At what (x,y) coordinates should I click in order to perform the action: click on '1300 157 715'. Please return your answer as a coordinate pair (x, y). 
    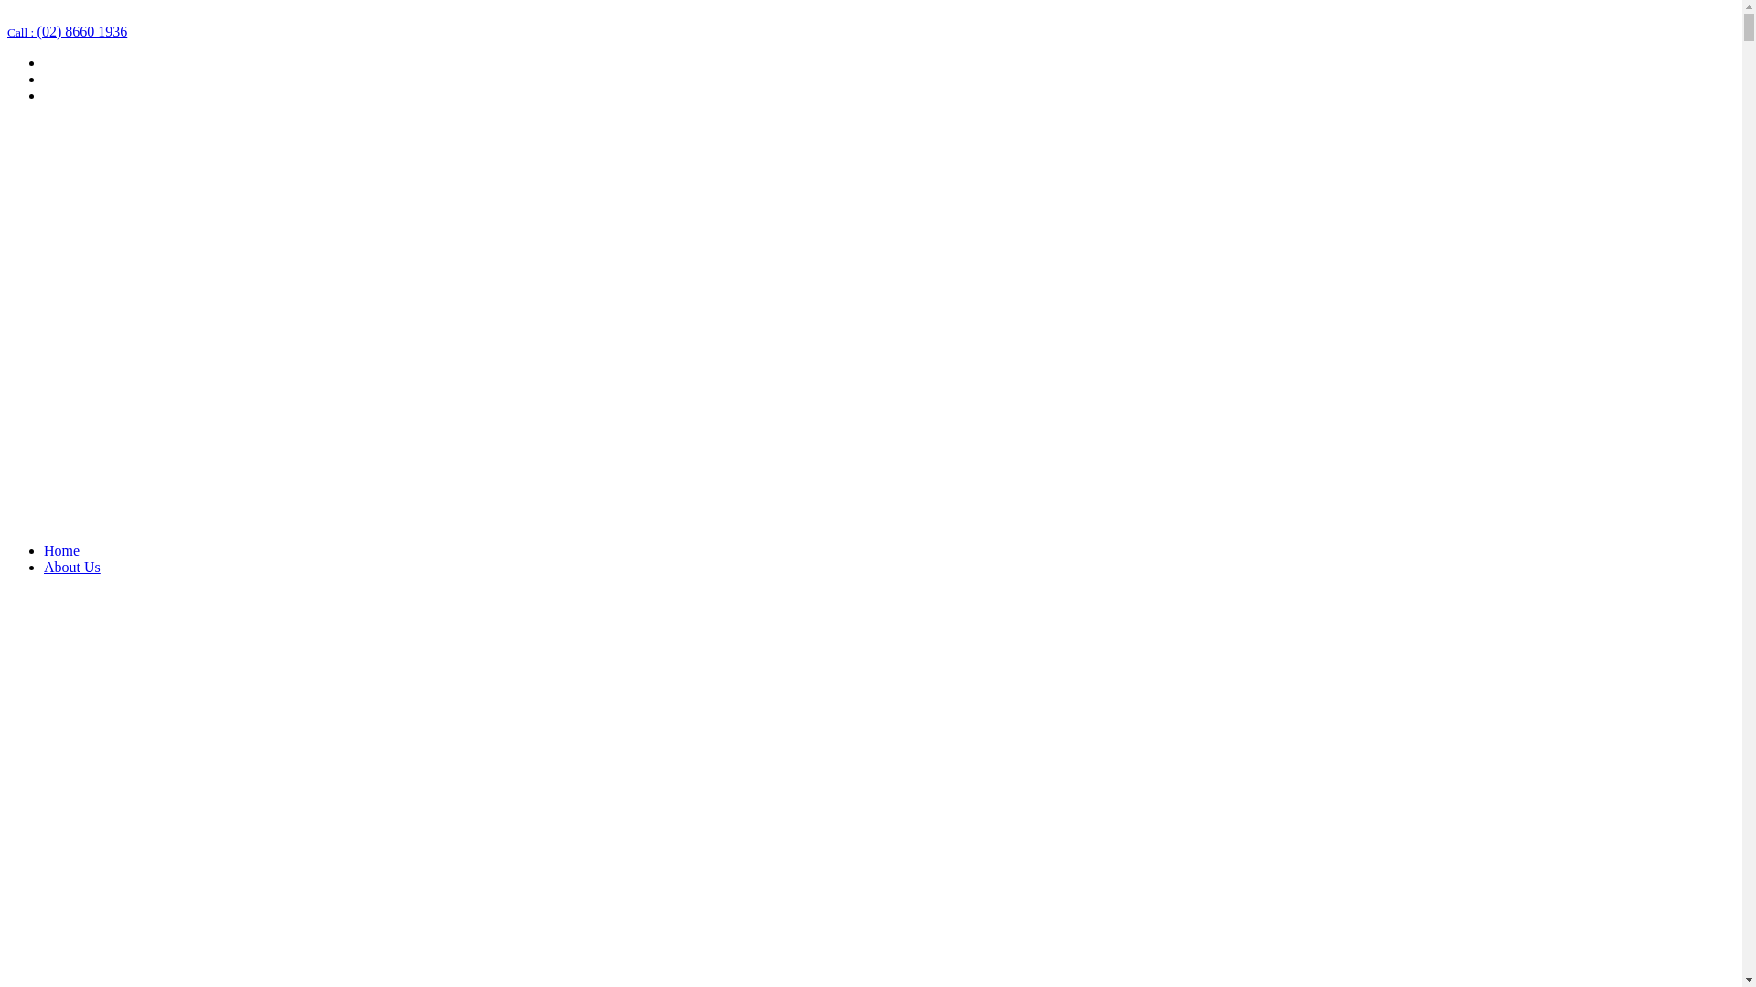
    Looking at the image, I should click on (48, 15).